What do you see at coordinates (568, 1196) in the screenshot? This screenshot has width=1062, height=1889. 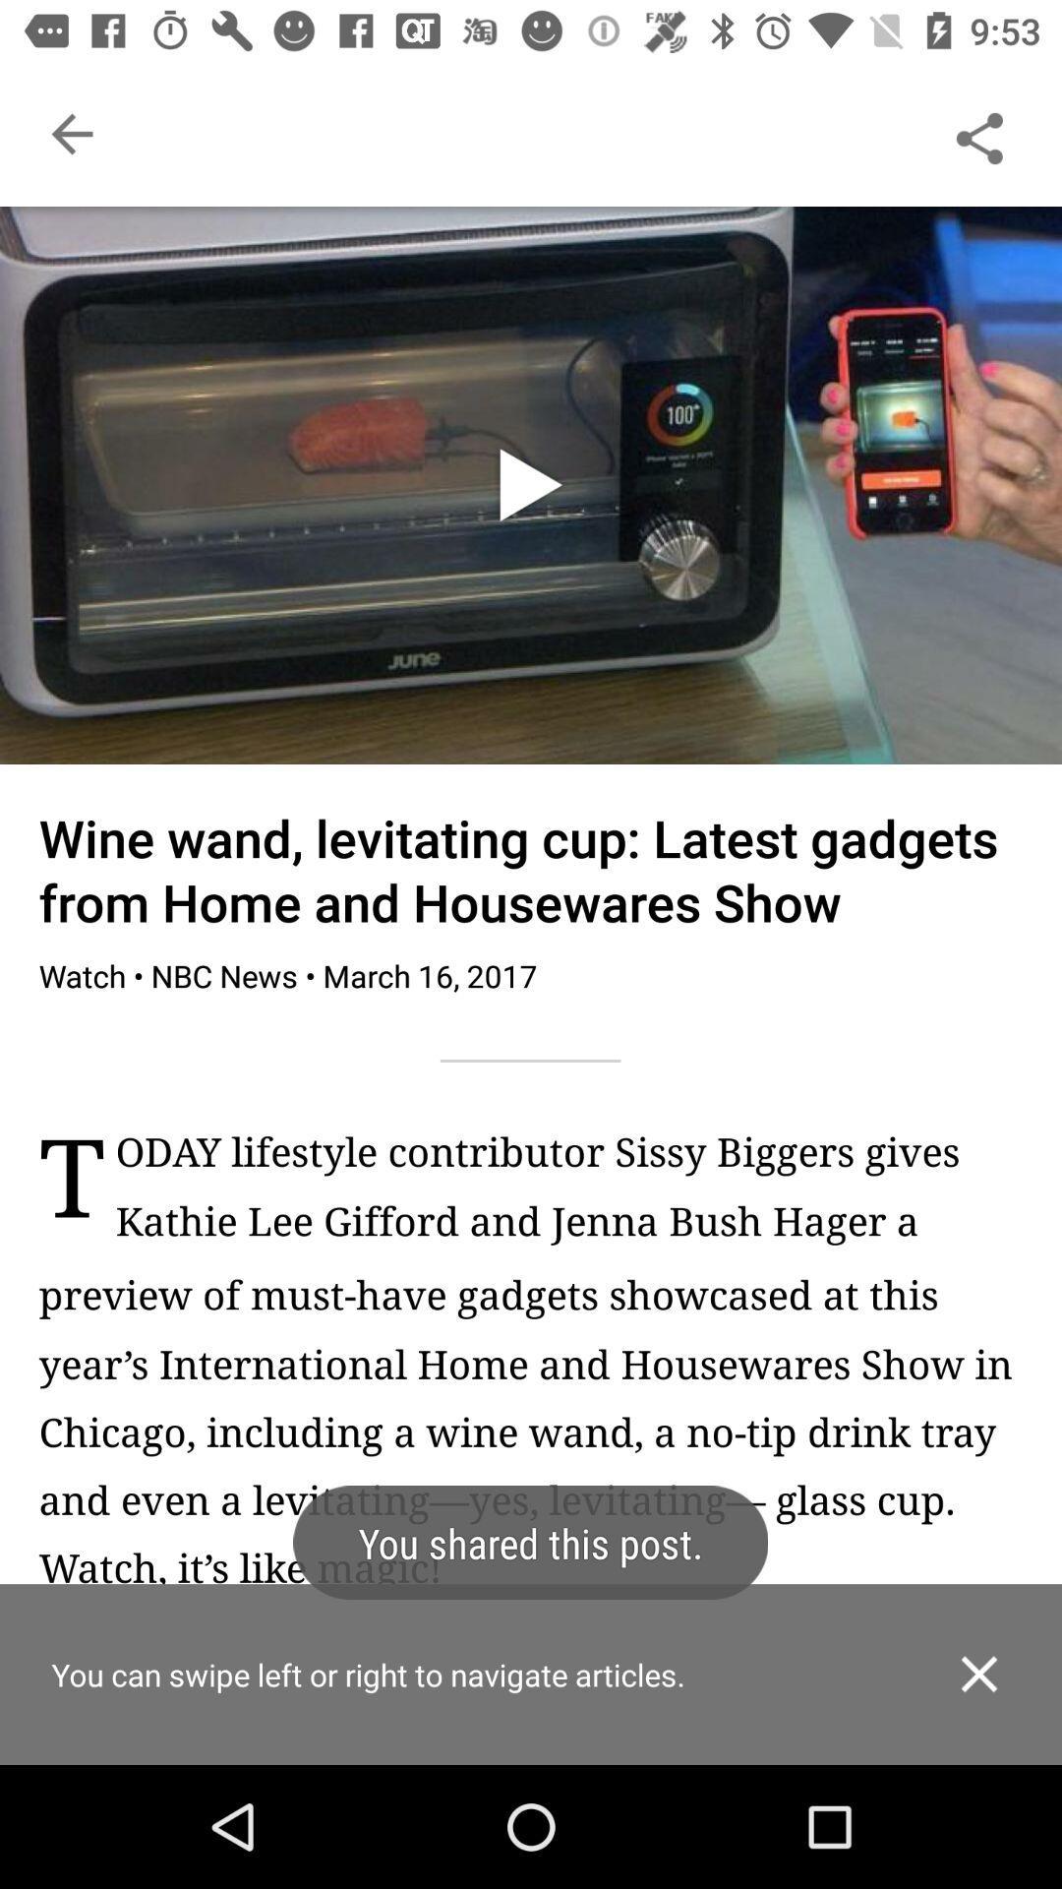 I see `the text which is in last post` at bounding box center [568, 1196].